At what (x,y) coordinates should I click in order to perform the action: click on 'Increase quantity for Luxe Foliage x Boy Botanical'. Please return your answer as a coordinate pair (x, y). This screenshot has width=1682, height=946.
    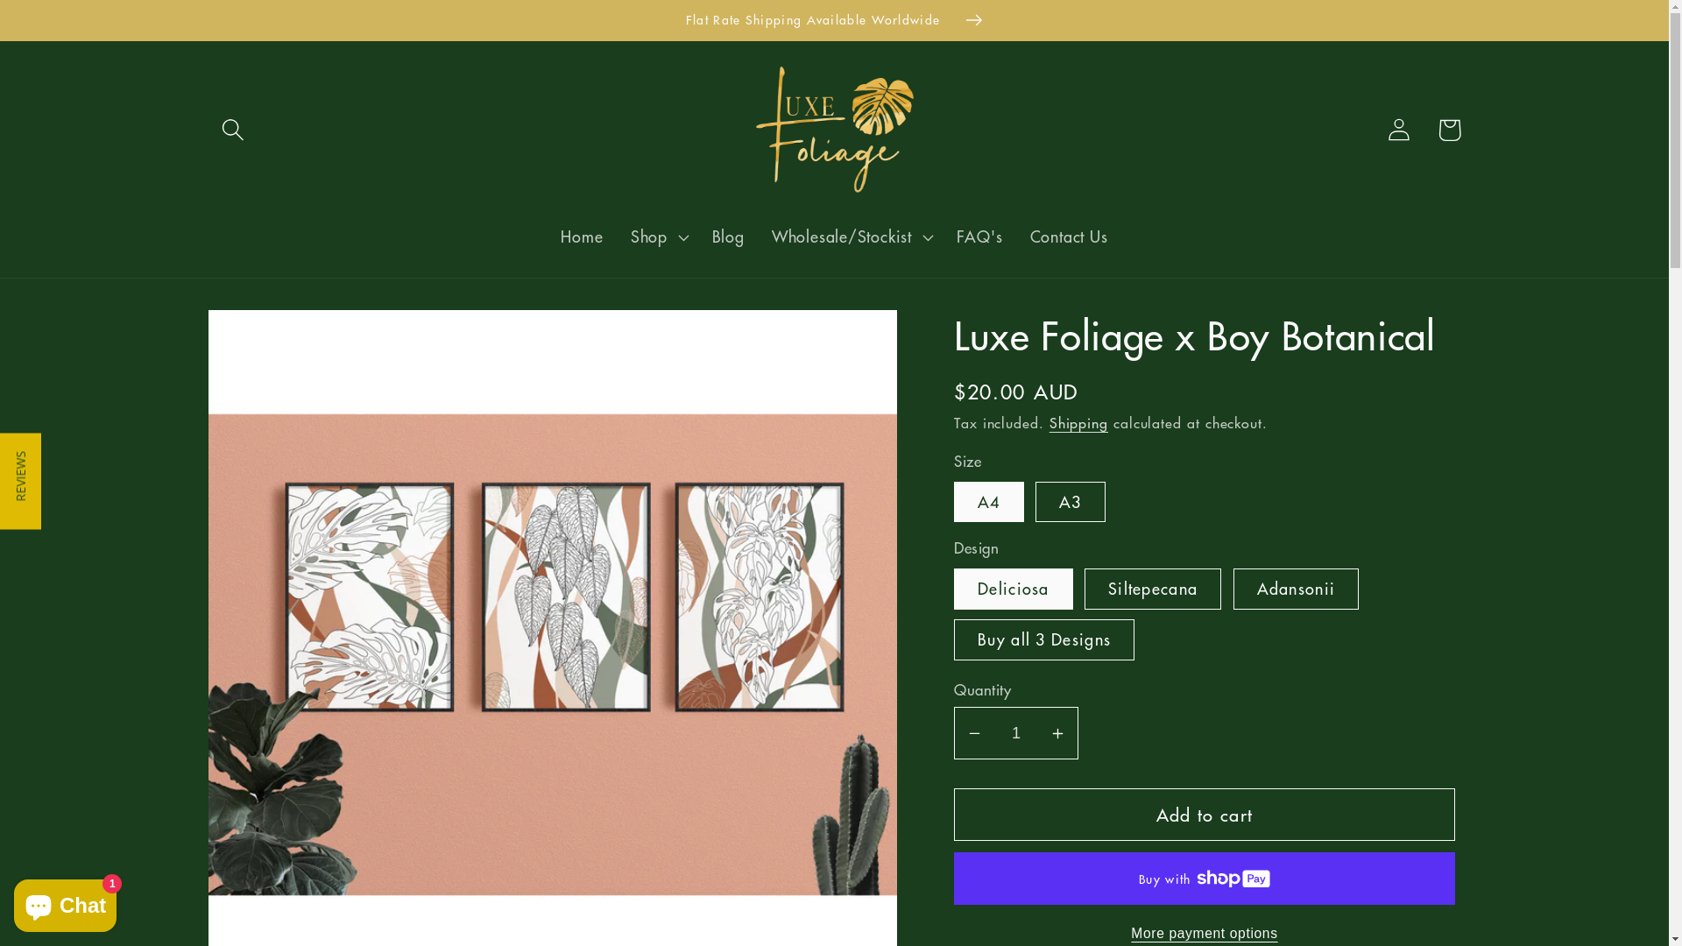
    Looking at the image, I should click on (1038, 733).